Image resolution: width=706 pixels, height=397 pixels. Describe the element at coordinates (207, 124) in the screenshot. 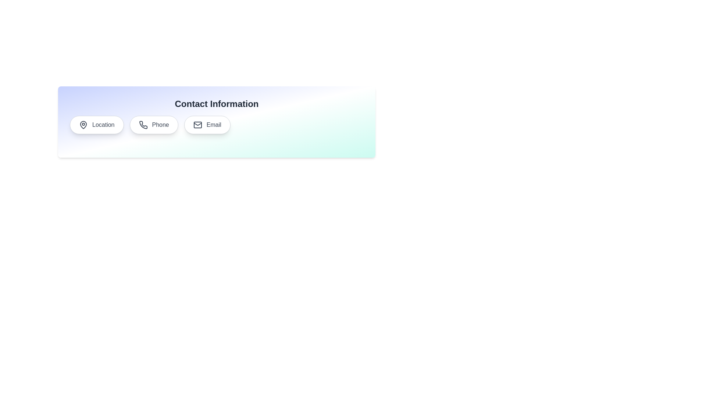

I see `the chip labeled Email to observe its hover effect` at that location.